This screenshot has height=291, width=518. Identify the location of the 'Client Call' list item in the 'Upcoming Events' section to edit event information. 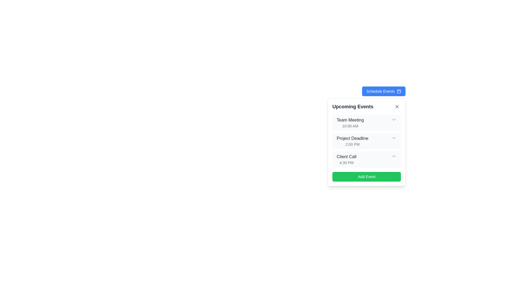
(366, 159).